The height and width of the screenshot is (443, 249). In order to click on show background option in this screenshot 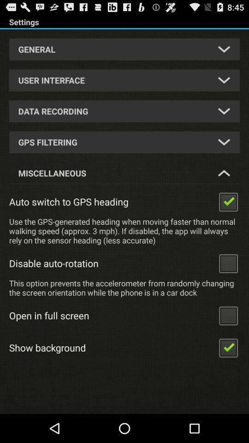, I will do `click(228, 347)`.